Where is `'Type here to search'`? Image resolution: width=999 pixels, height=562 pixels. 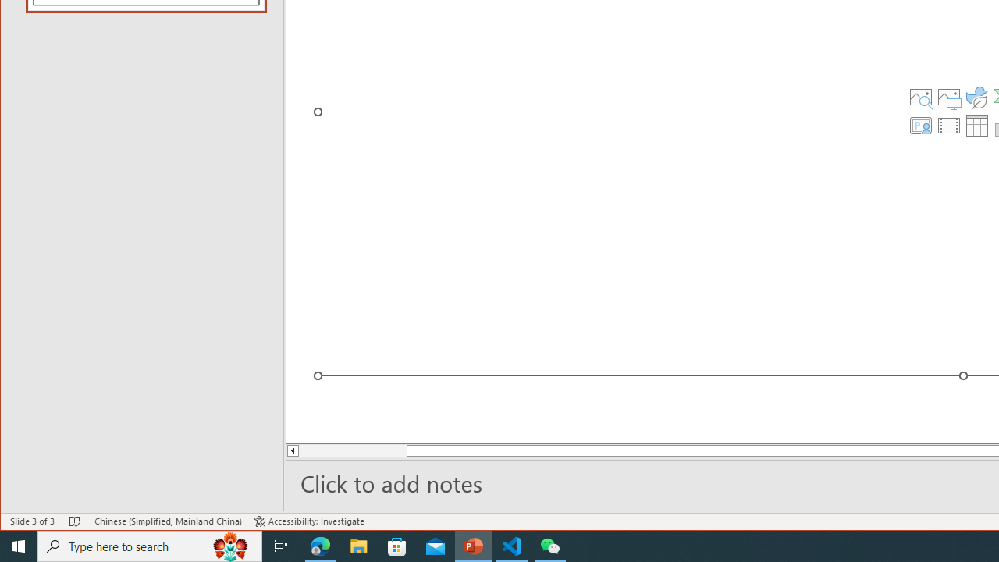
'Type here to search' is located at coordinates (150, 545).